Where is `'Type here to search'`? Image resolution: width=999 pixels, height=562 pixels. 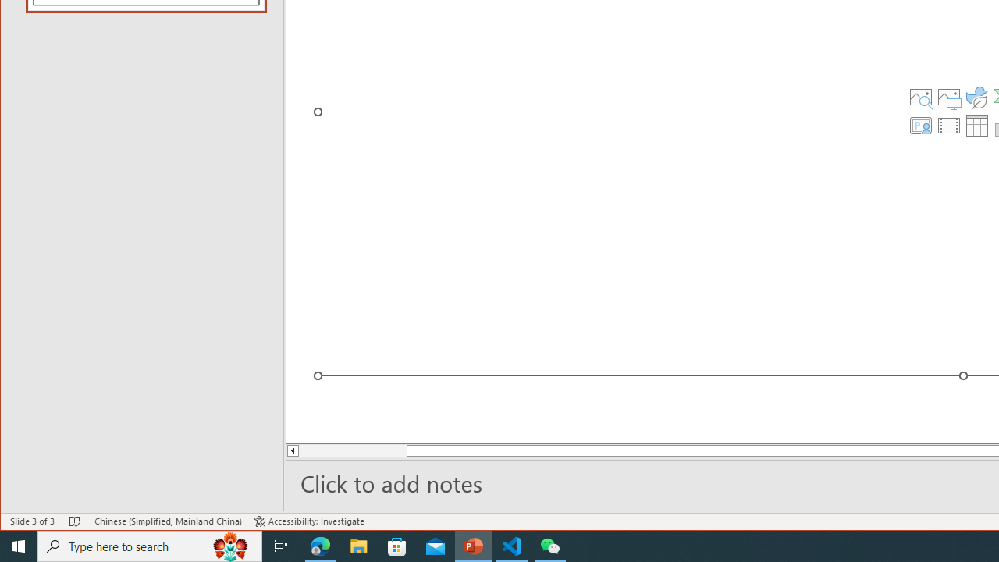
'Type here to search' is located at coordinates (150, 545).